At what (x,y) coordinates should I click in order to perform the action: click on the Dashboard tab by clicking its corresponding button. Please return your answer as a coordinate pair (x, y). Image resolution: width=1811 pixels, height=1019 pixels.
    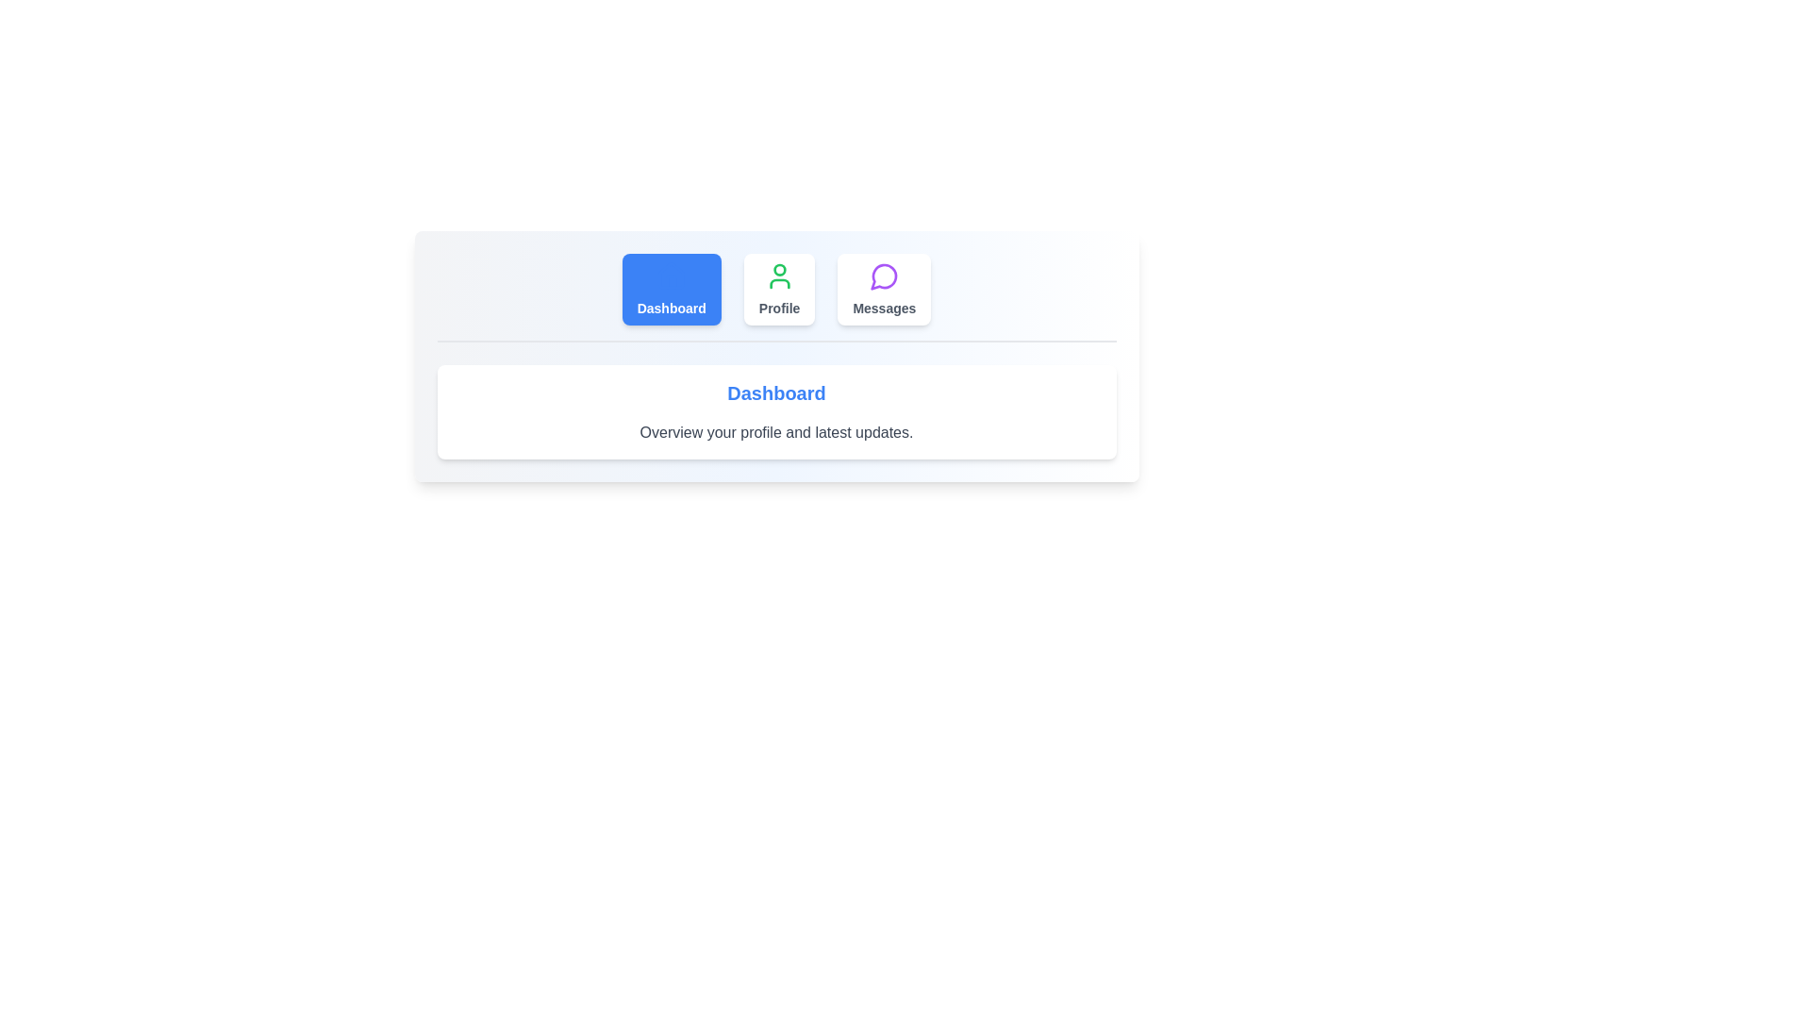
    Looking at the image, I should click on (672, 290).